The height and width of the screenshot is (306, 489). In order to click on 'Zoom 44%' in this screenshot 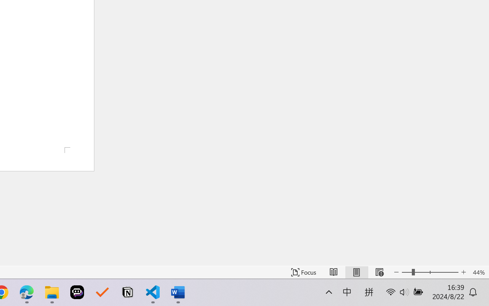, I will do `click(478, 272)`.